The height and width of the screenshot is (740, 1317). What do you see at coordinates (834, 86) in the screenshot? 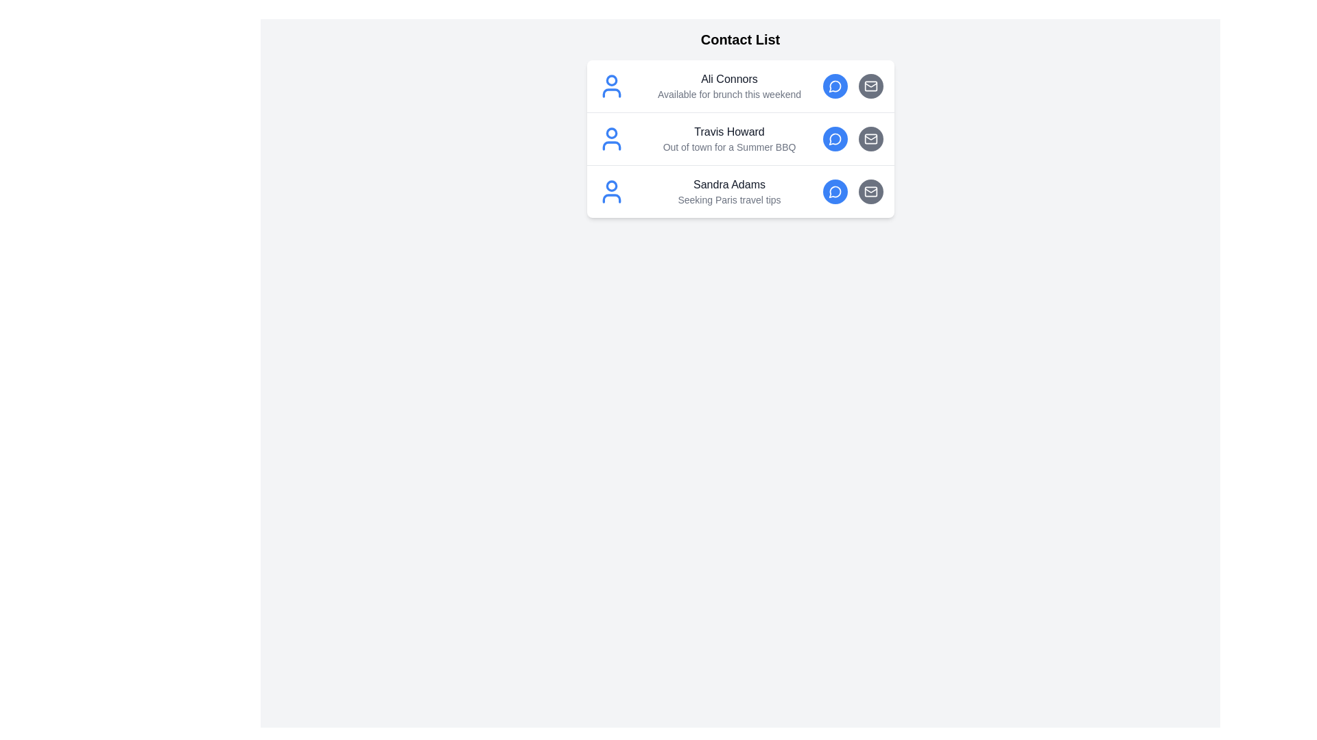
I see `the circular icon button featuring a speech bubble design with a blue outline and white background, located to the right of 'Ali Connors' in the contact list` at bounding box center [834, 86].